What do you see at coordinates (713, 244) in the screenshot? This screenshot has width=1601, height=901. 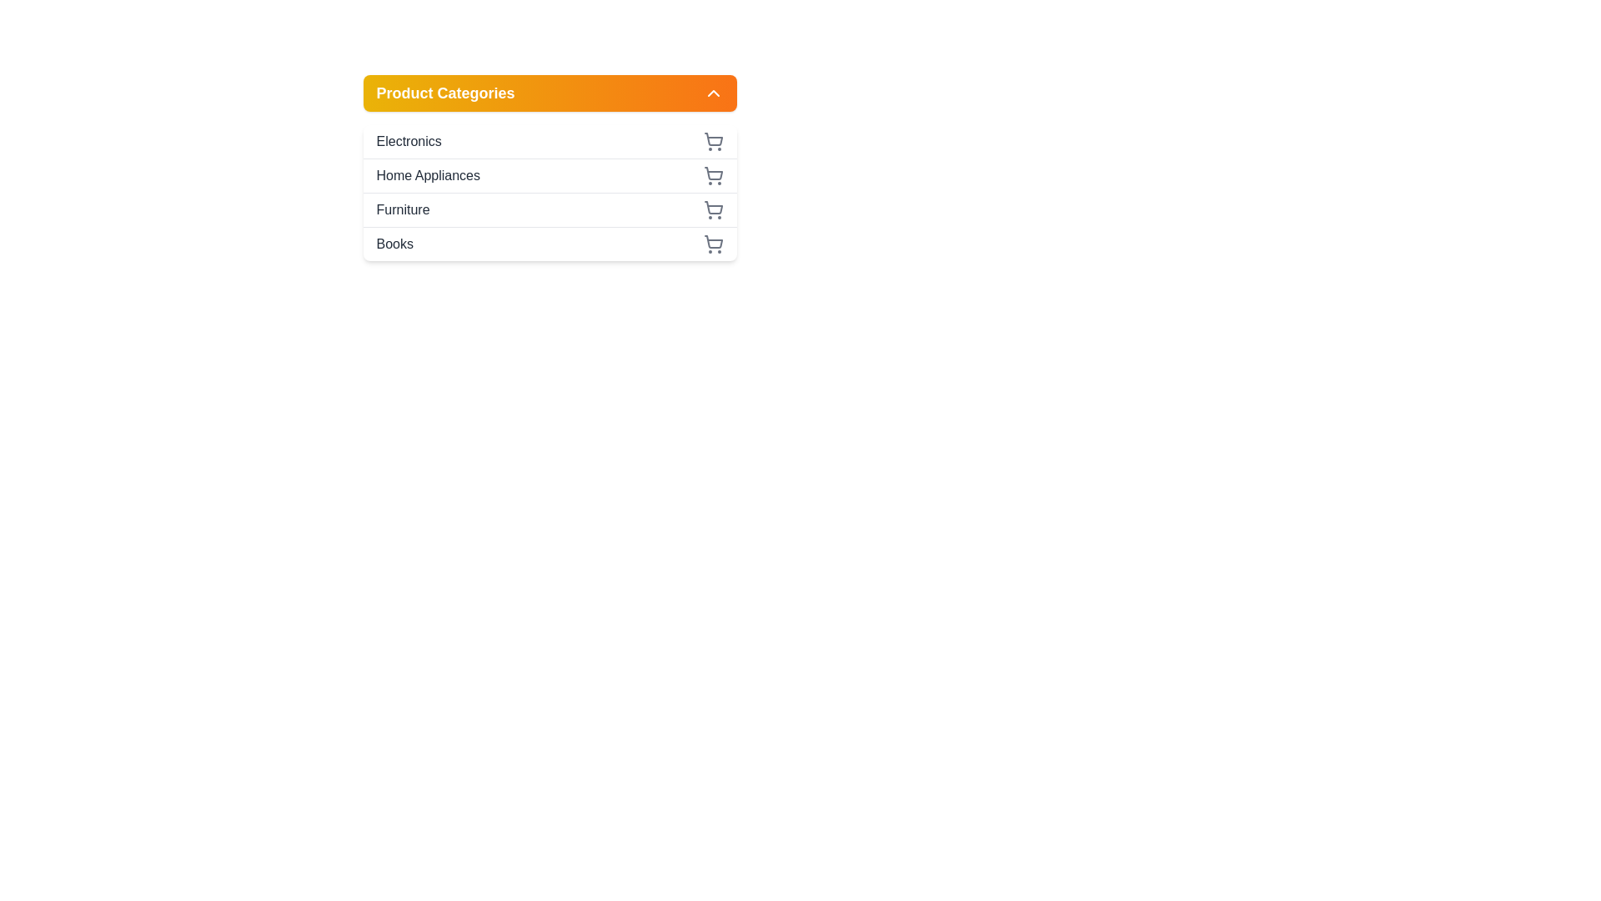 I see `the shopping cart icon located to the right of the text 'Books' in the 'Product Categories' list to trigger visual feedback or a tooltip` at bounding box center [713, 244].